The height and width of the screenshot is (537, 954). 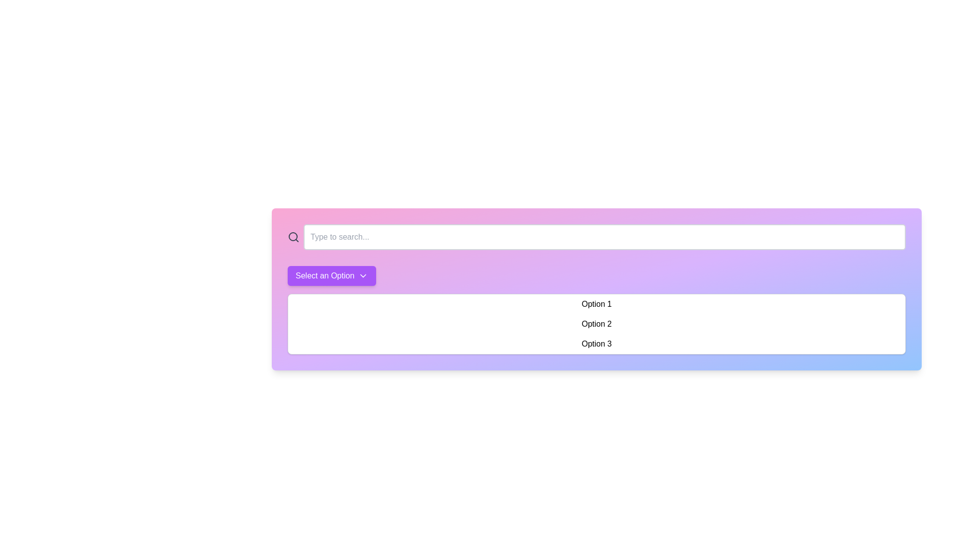 I want to click on the List Item labeled 'Option 2', so click(x=596, y=324).